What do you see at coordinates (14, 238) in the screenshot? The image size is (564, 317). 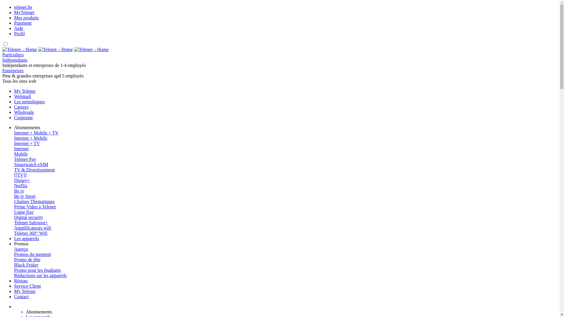 I see `'Les appareils'` at bounding box center [14, 238].